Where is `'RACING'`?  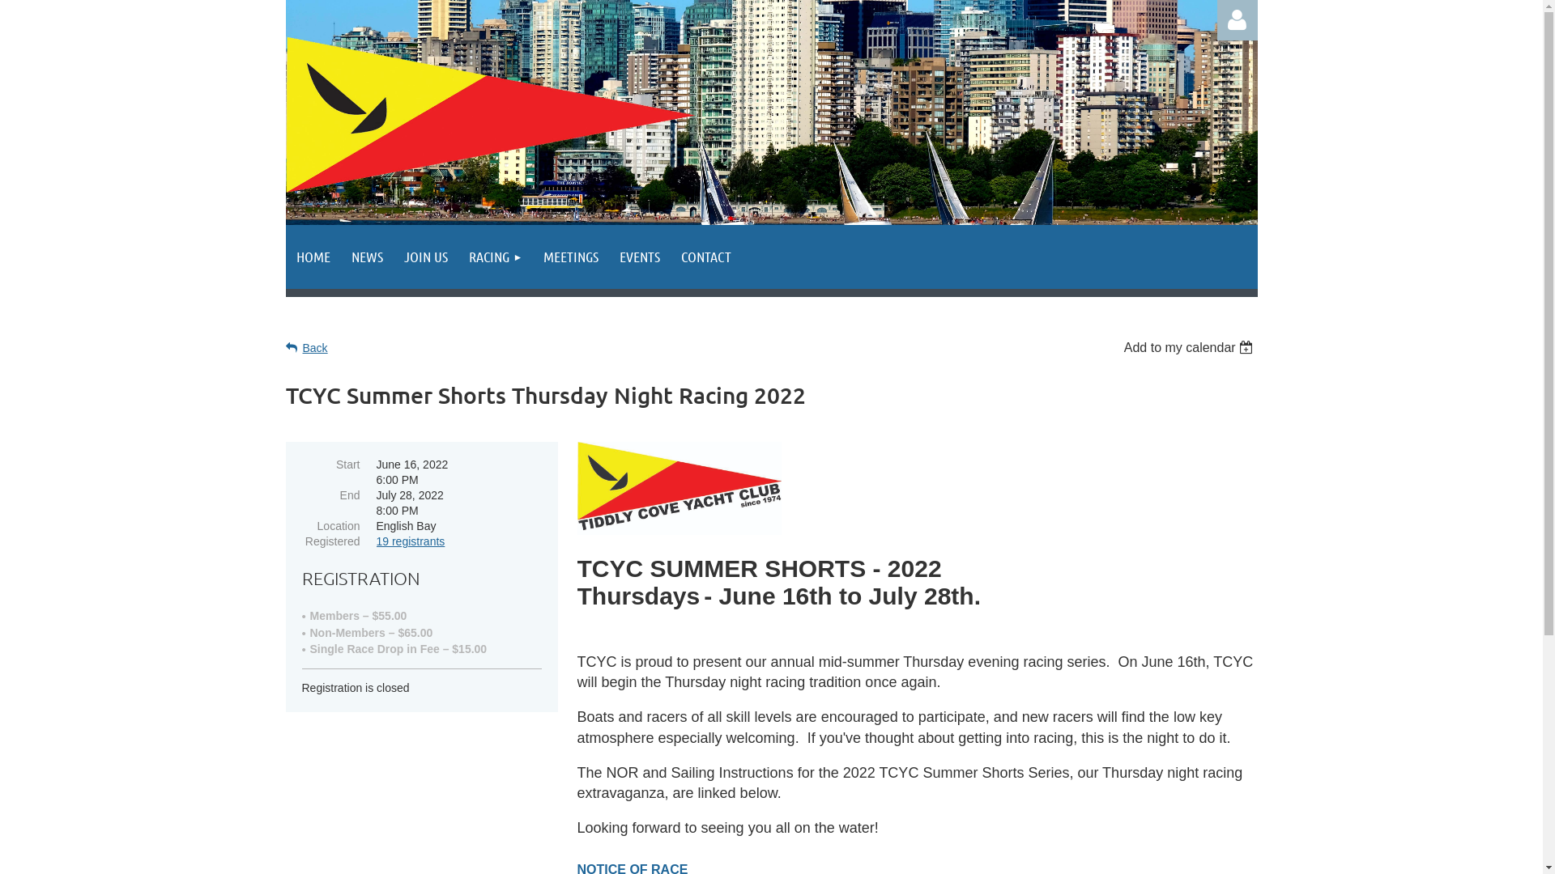 'RACING' is located at coordinates (495, 256).